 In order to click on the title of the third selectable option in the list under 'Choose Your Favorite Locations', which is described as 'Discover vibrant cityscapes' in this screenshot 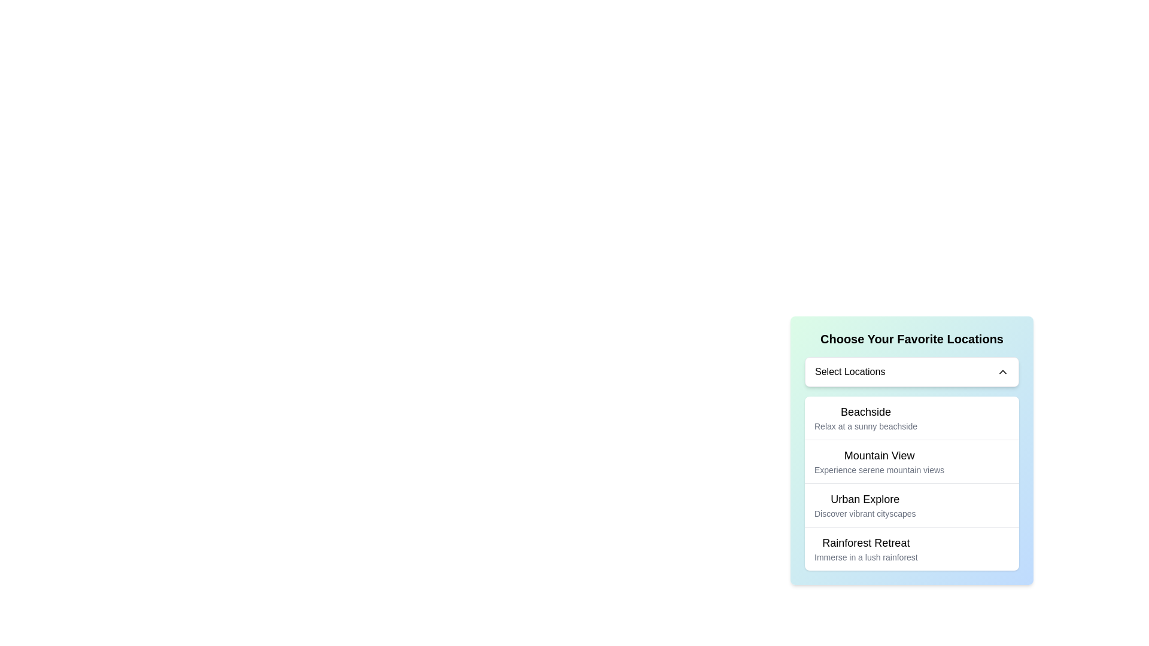, I will do `click(865, 499)`.